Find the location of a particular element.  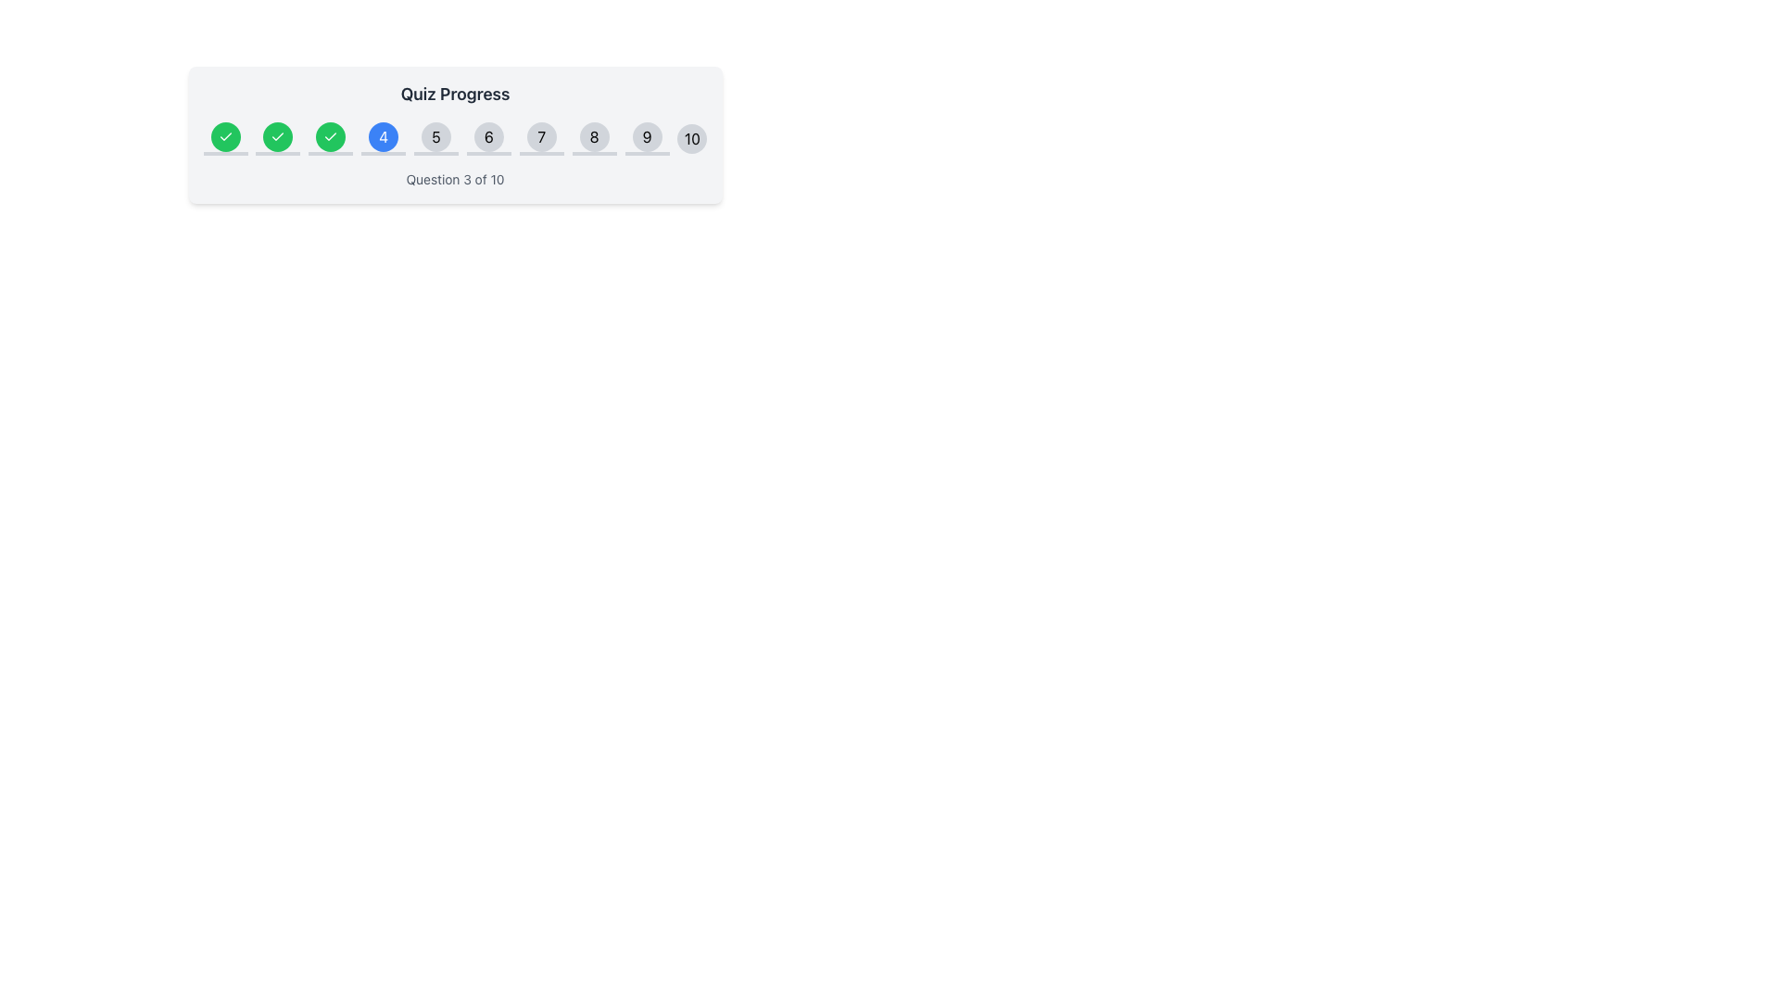

the non-interactive visual cue representing the ninth step in the progress tracker for a quiz is located at coordinates (647, 138).